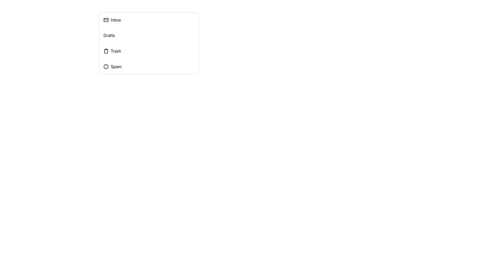 The image size is (498, 280). Describe the element at coordinates (115, 51) in the screenshot. I see `the 'Trash' text label, which is styled as a clickable label in a vertical list of navigation options` at that location.